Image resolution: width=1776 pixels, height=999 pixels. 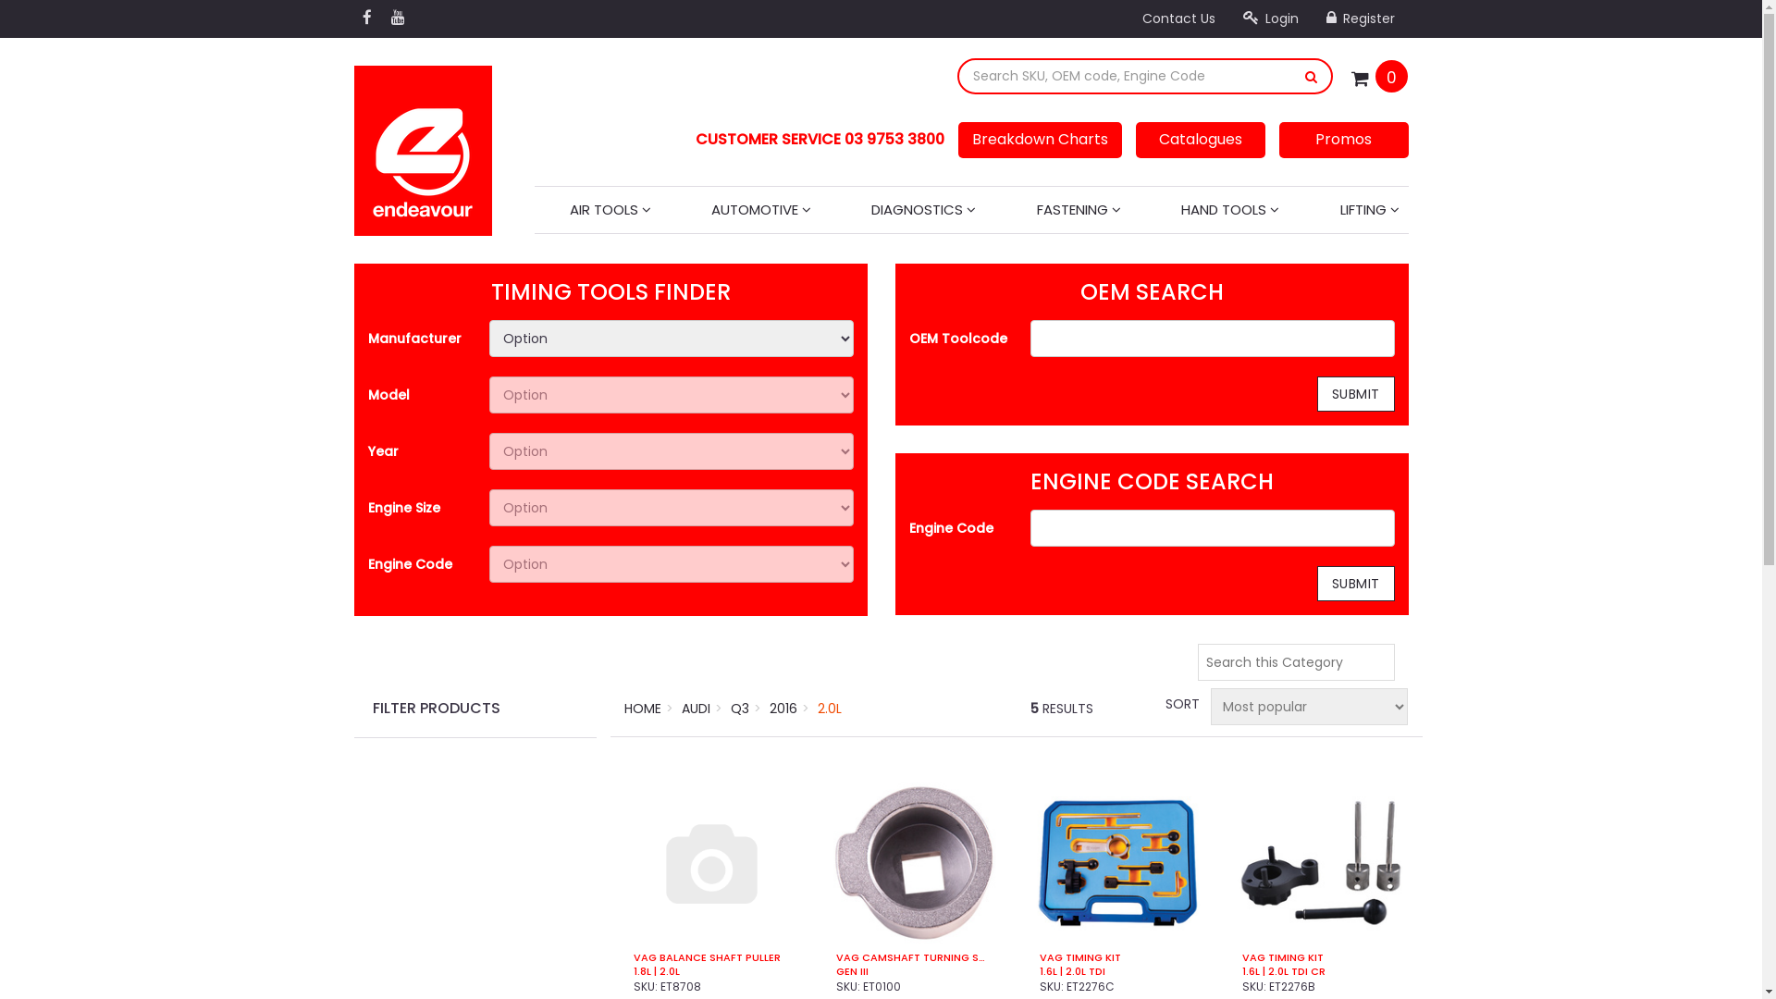 What do you see at coordinates (700, 209) in the screenshot?
I see `'AUTOMOTIVE'` at bounding box center [700, 209].